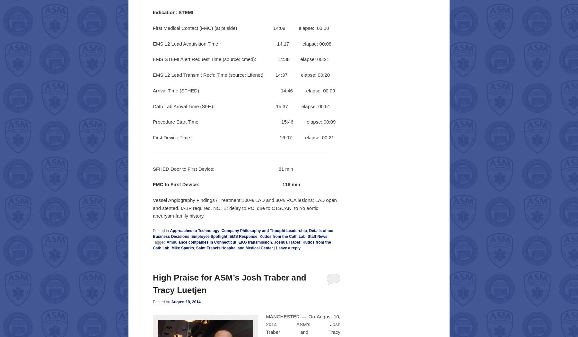 Image resolution: width=578 pixels, height=337 pixels. What do you see at coordinates (195, 230) in the screenshot?
I see `'Approaches to Technology'` at bounding box center [195, 230].